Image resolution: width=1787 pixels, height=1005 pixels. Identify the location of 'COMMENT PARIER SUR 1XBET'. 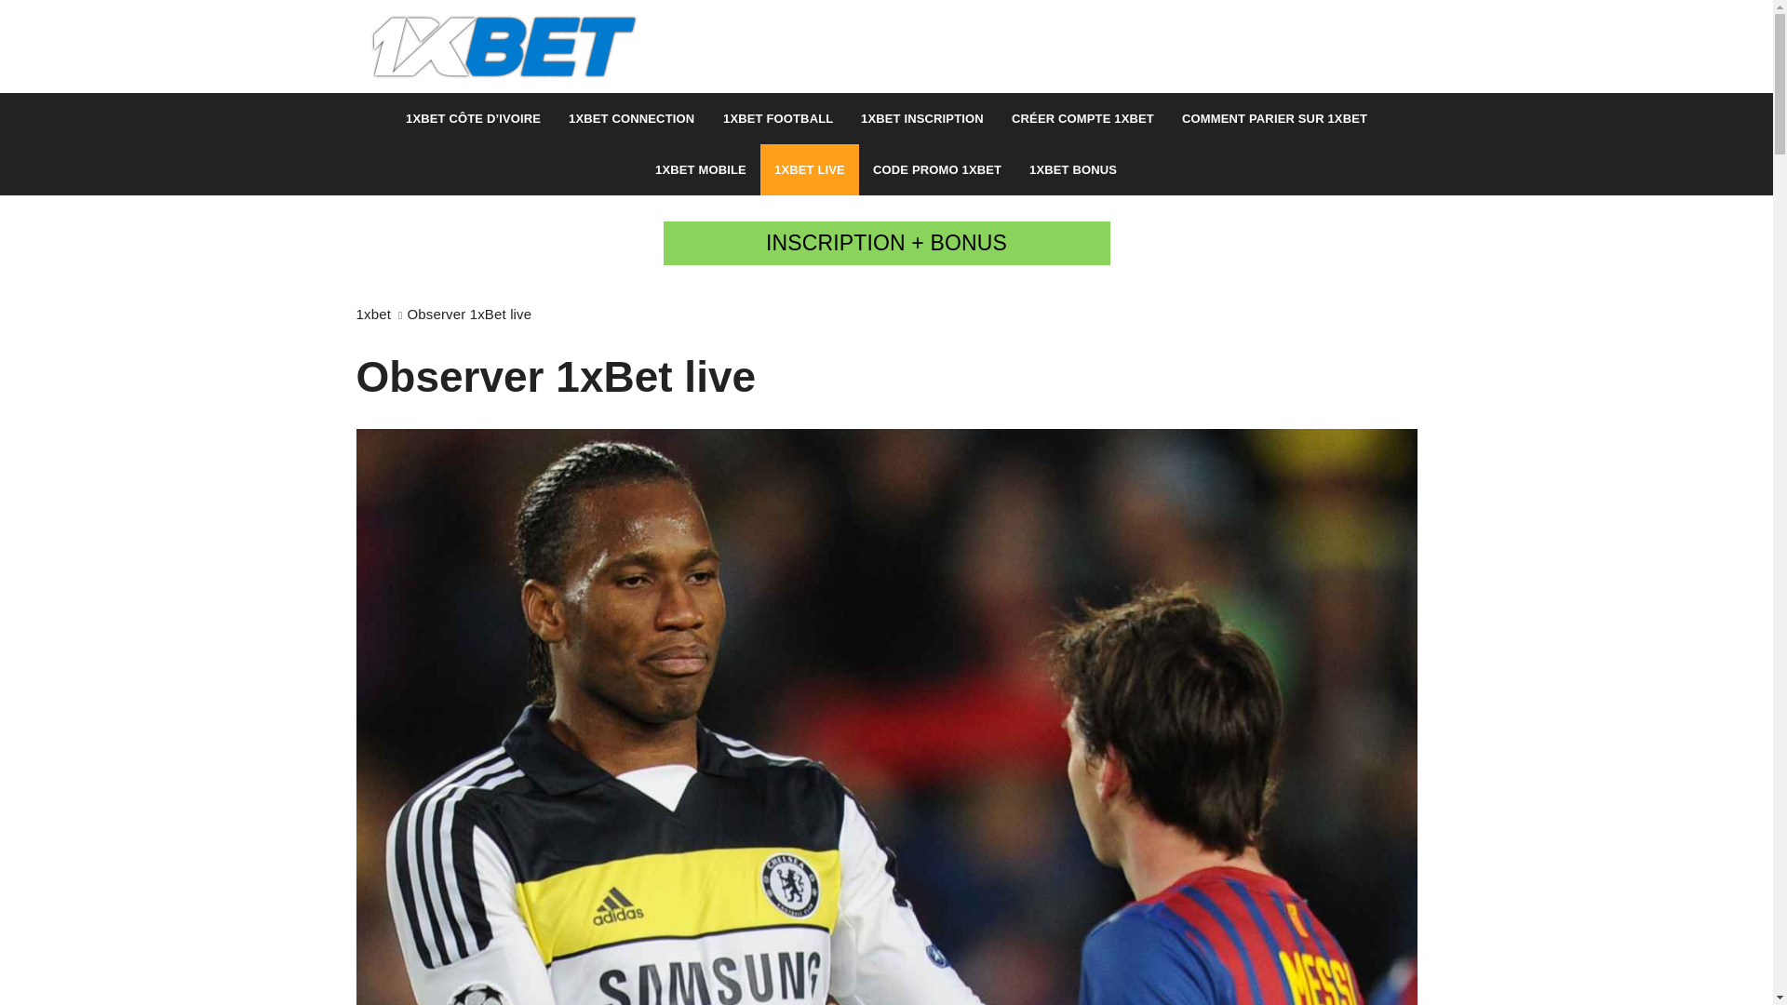
(1273, 118).